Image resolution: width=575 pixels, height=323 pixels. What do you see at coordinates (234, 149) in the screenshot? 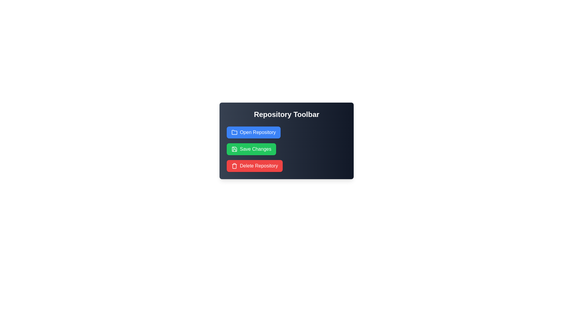
I see `the save icon within the green 'Save Changes' button, located centrally in the vertical stack of buttons, positioned below the 'Open Repository' button and above the 'Delete Repository' button` at bounding box center [234, 149].